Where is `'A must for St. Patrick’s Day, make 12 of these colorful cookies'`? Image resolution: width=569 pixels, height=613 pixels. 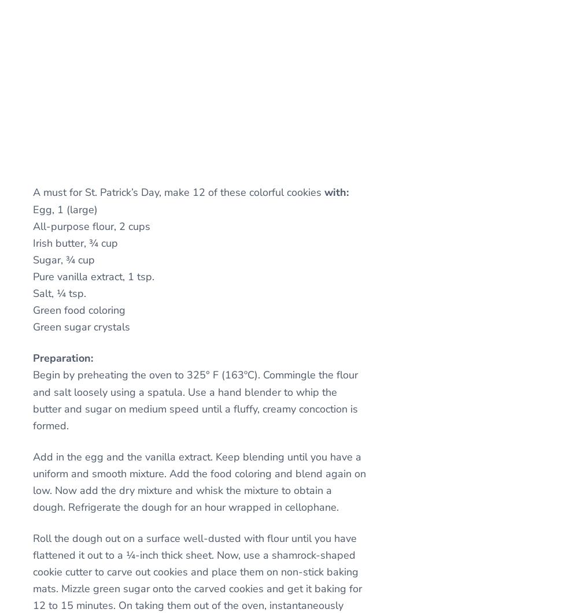
'A must for St. Patrick’s Day, make 12 of these colorful cookies' is located at coordinates (32, 192).